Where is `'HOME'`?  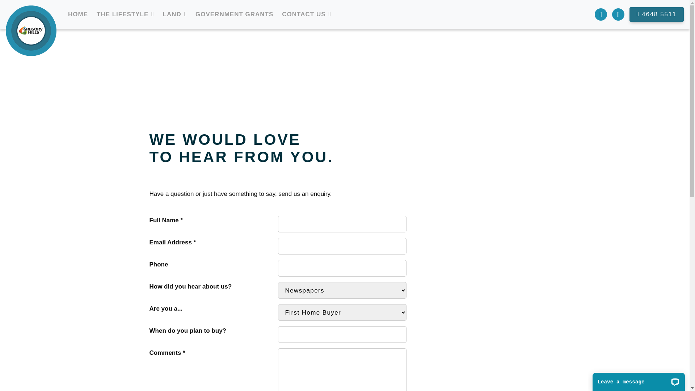 'HOME' is located at coordinates (78, 14).